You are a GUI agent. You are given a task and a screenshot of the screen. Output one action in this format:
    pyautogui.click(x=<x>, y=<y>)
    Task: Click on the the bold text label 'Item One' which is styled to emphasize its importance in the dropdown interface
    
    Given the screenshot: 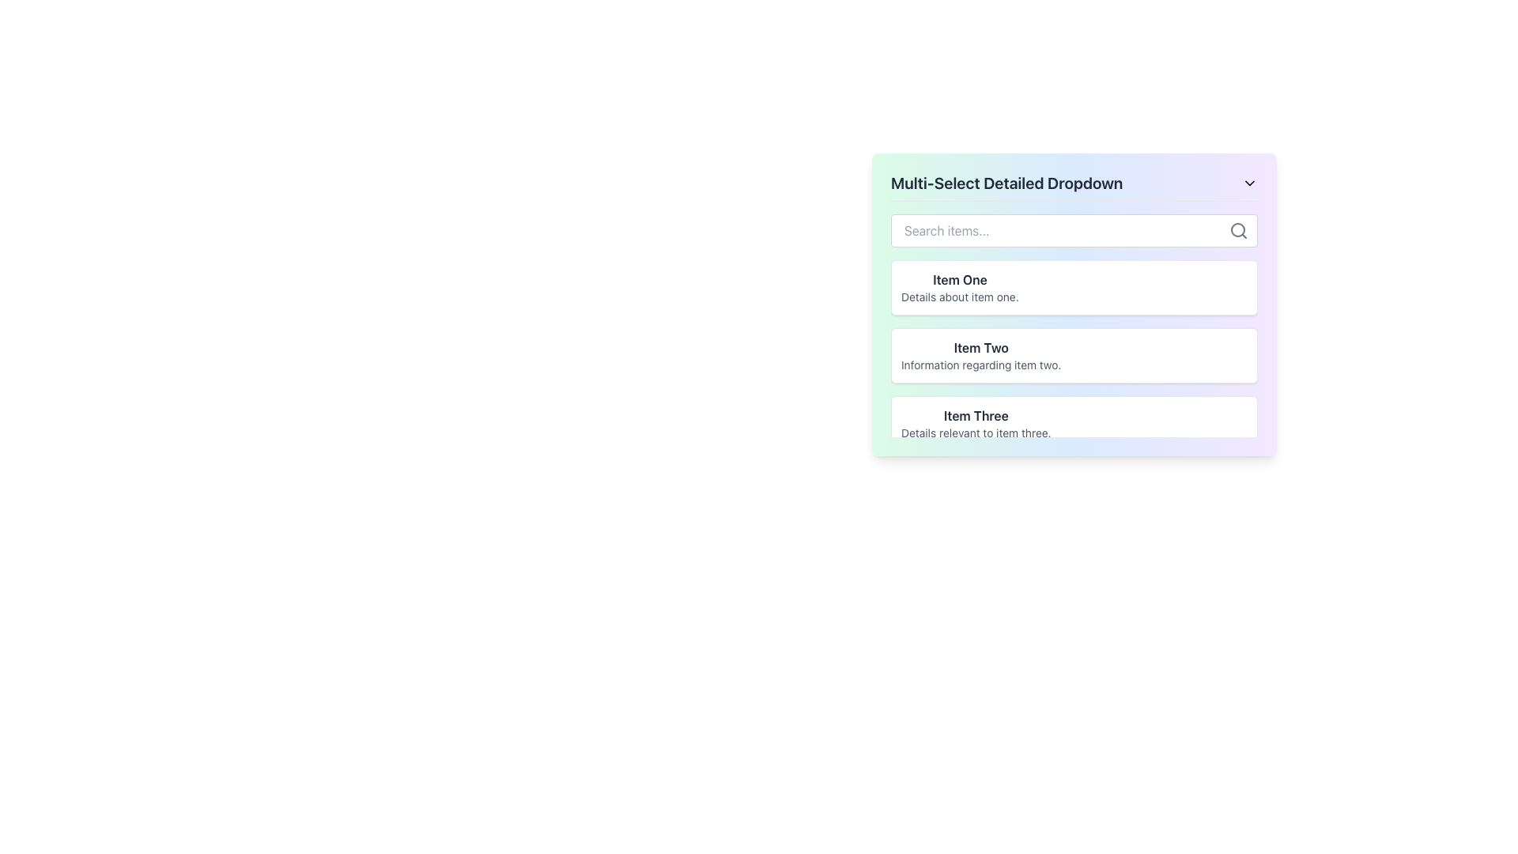 What is the action you would take?
    pyautogui.click(x=959, y=279)
    